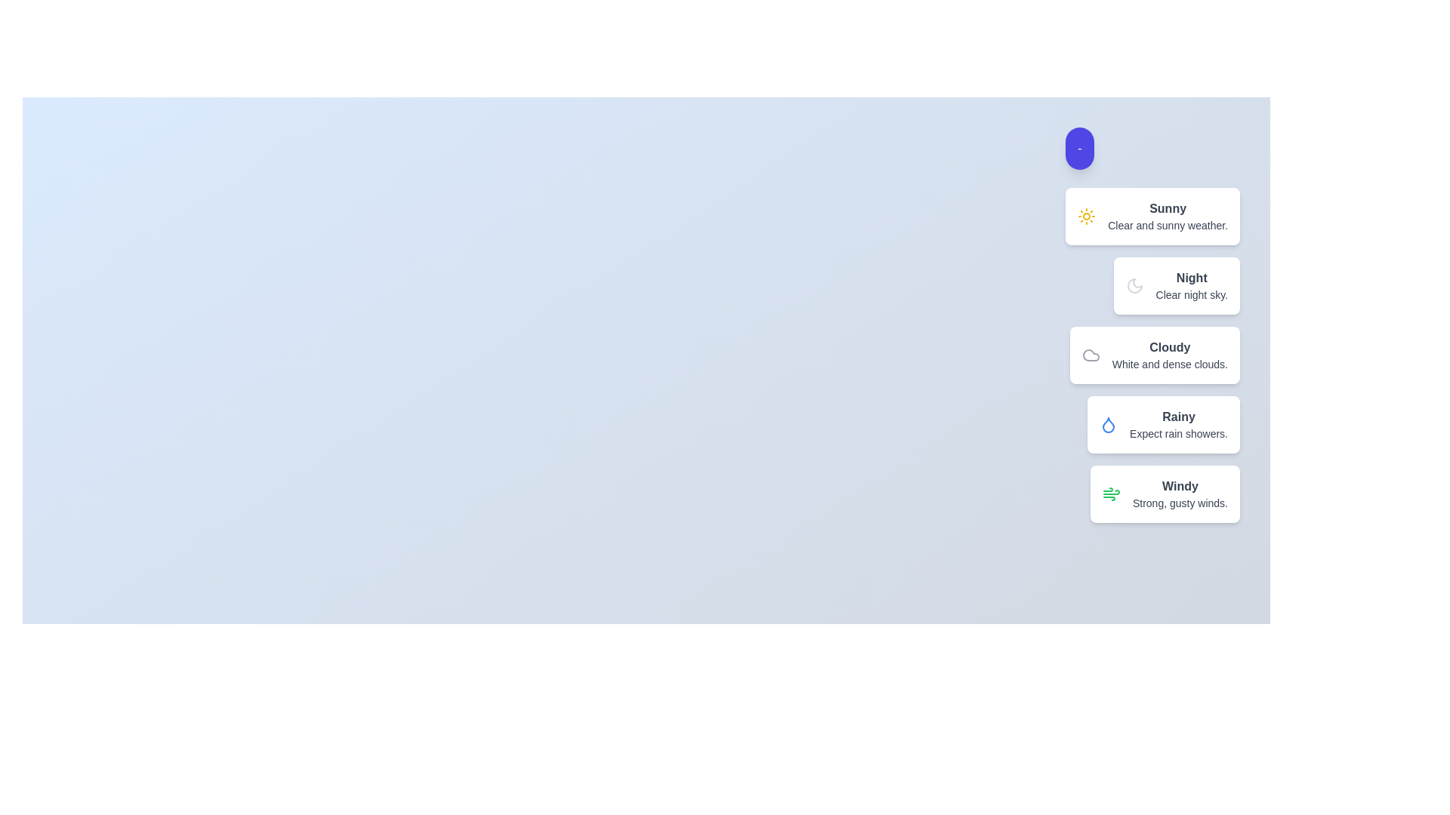 The image size is (1450, 815). What do you see at coordinates (1191, 278) in the screenshot?
I see `the description of the weather condition labeled Night` at bounding box center [1191, 278].